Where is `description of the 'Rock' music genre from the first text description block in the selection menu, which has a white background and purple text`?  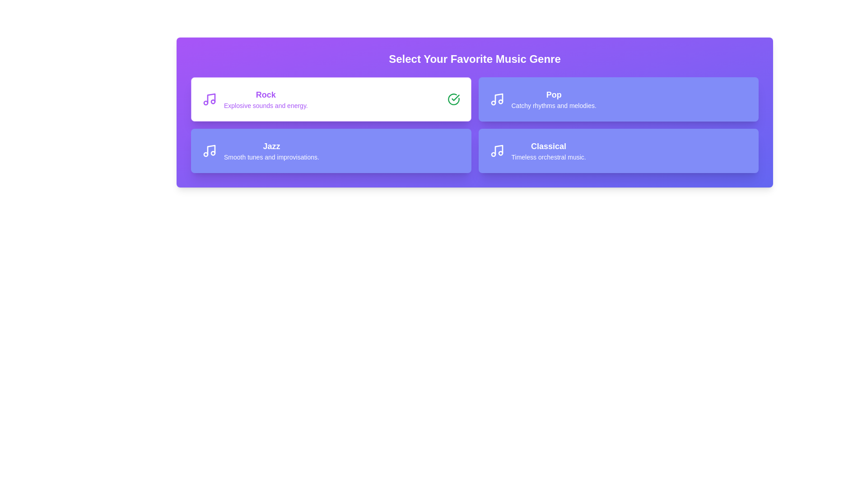
description of the 'Rock' music genre from the first text description block in the selection menu, which has a white background and purple text is located at coordinates (265, 99).